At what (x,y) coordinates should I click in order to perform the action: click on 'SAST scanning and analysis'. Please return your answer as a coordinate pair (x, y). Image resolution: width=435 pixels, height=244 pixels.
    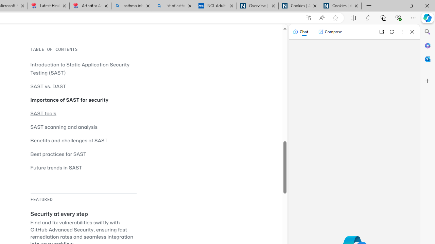
    Looking at the image, I should click on (83, 127).